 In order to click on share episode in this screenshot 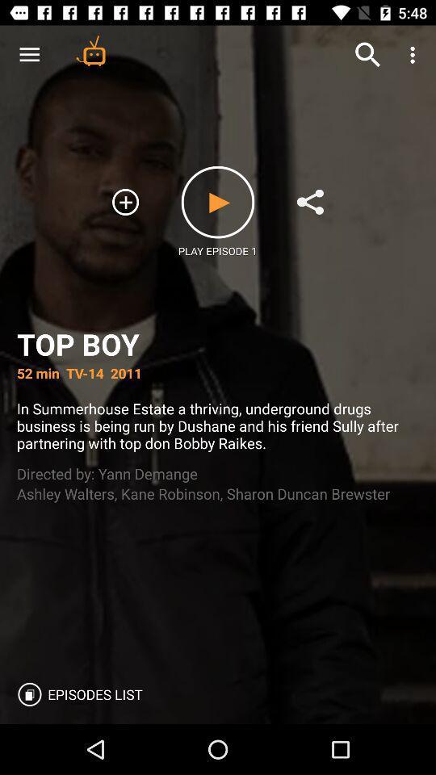, I will do `click(310, 201)`.